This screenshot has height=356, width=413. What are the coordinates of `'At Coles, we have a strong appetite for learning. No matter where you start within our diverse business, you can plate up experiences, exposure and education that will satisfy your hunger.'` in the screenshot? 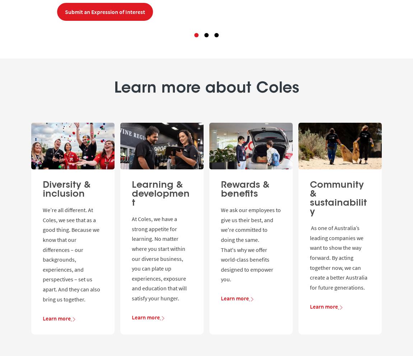 It's located at (131, 258).